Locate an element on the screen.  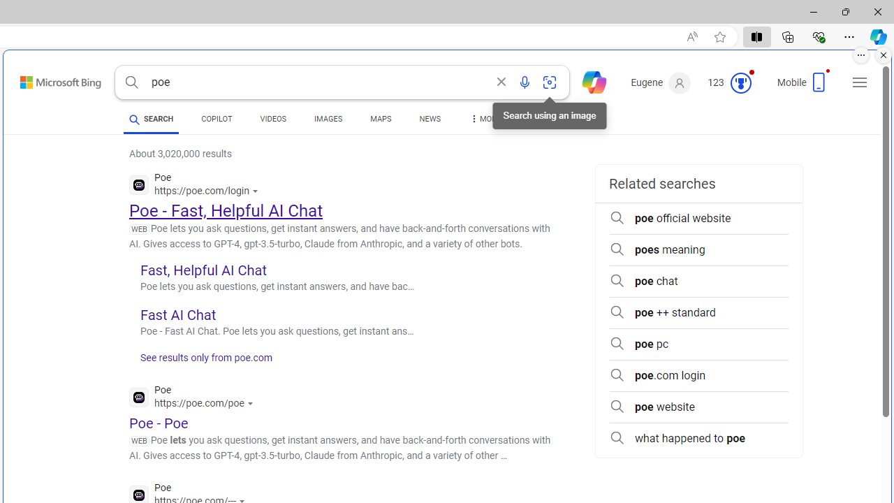
'VIDEOS' is located at coordinates (273, 119).